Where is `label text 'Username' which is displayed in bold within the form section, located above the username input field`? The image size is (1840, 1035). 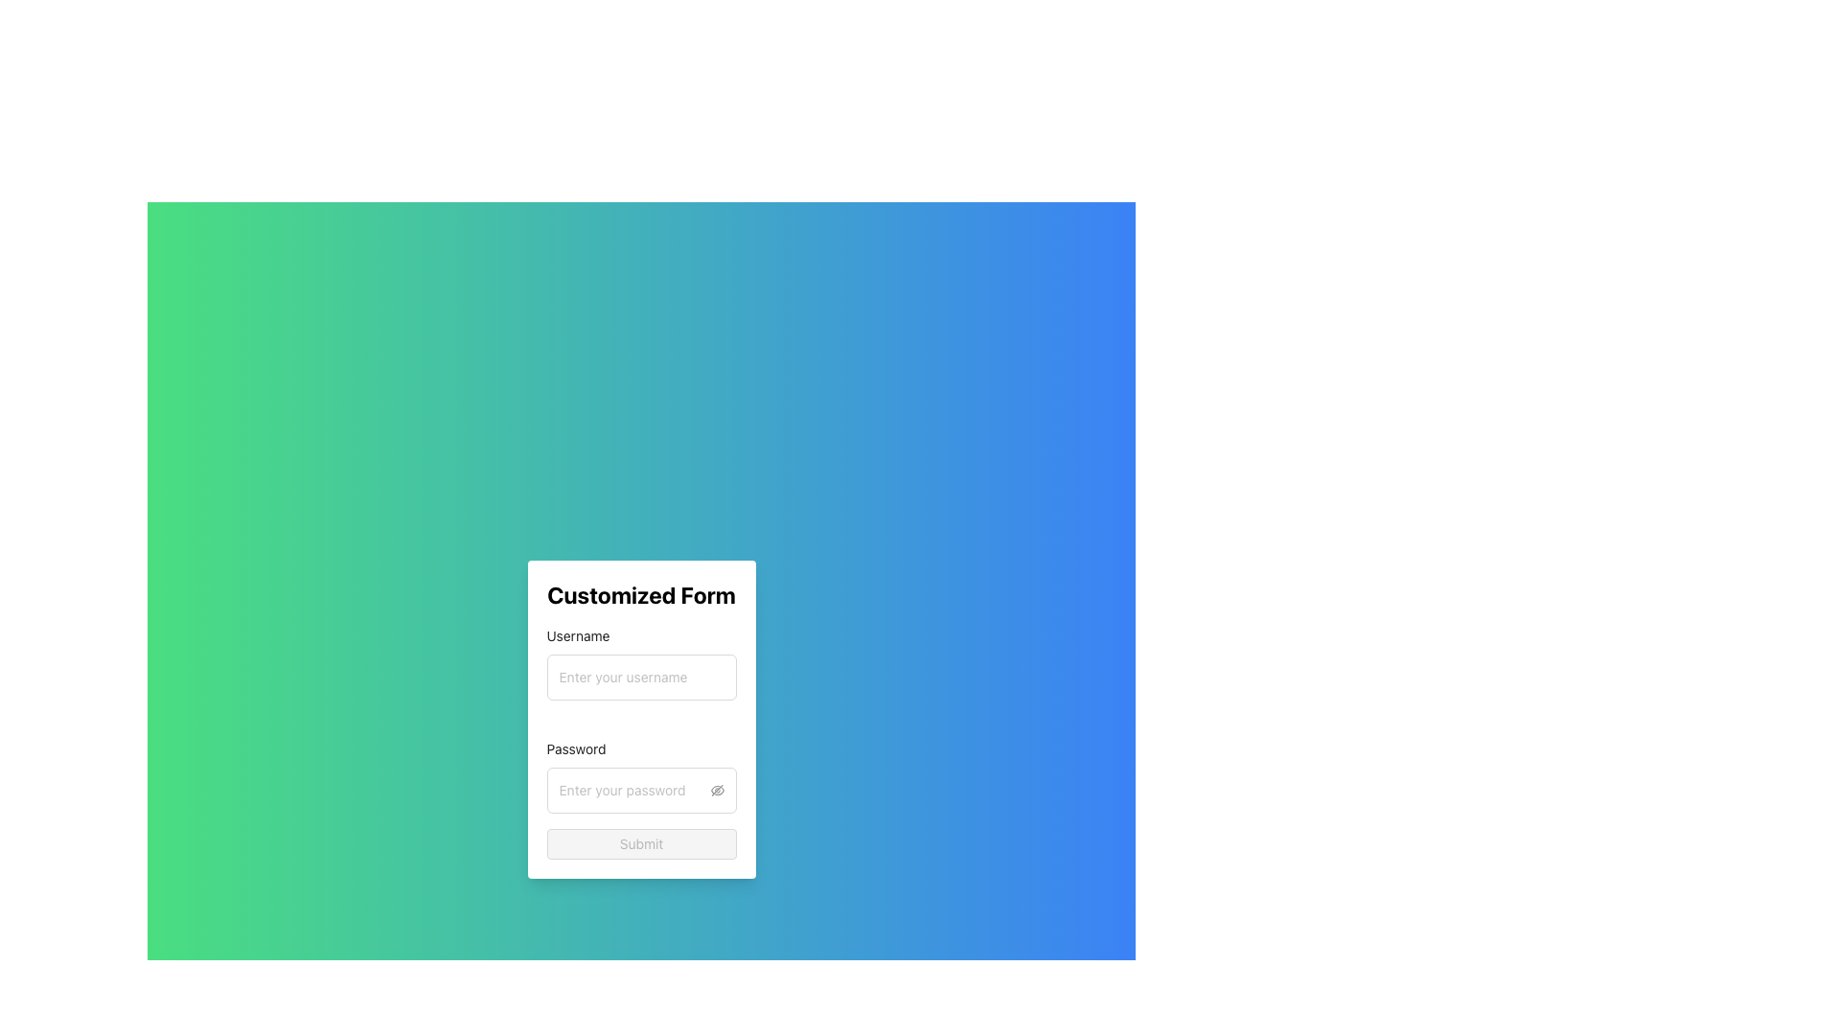
label text 'Username' which is displayed in bold within the form section, located above the username input field is located at coordinates (584, 635).